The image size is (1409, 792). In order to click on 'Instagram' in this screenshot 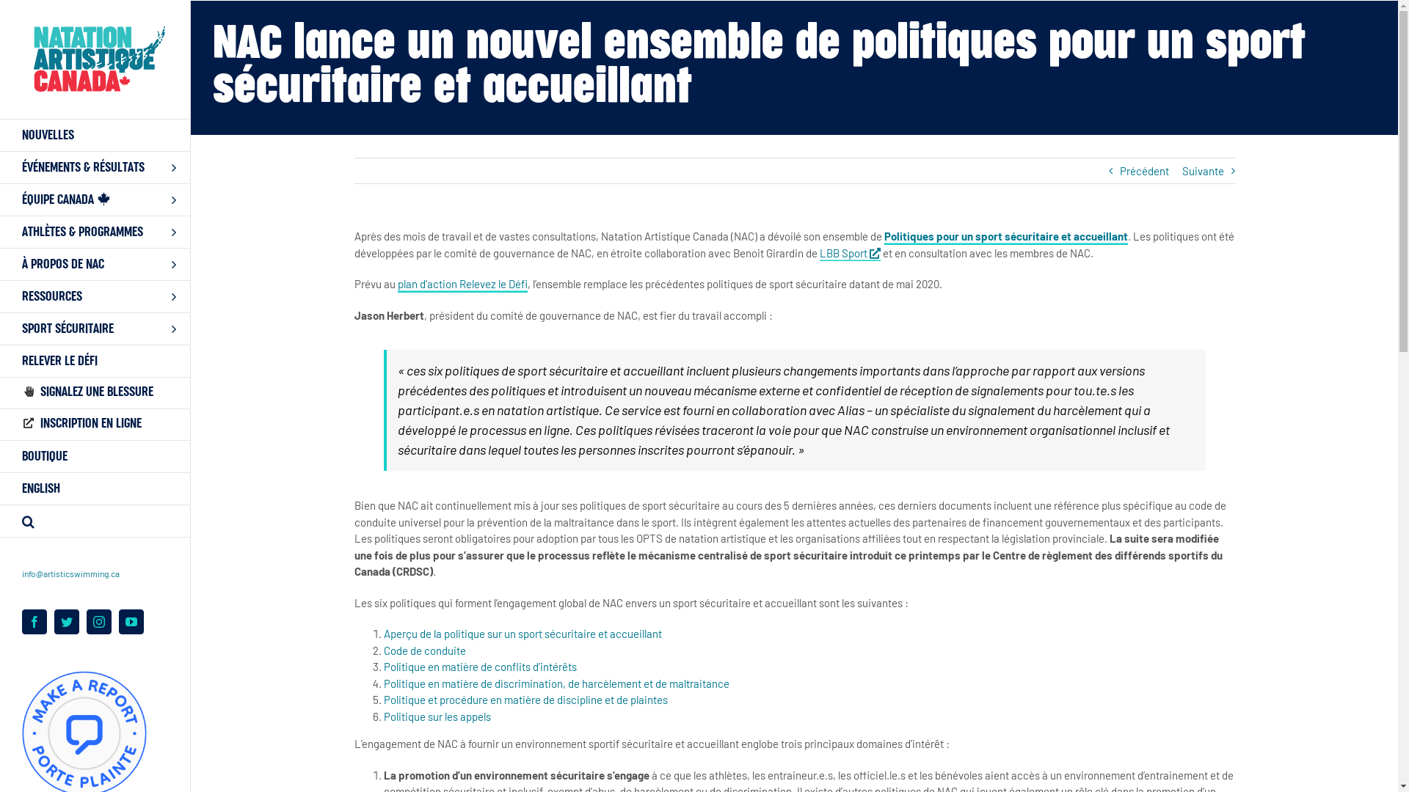, I will do `click(98, 622)`.